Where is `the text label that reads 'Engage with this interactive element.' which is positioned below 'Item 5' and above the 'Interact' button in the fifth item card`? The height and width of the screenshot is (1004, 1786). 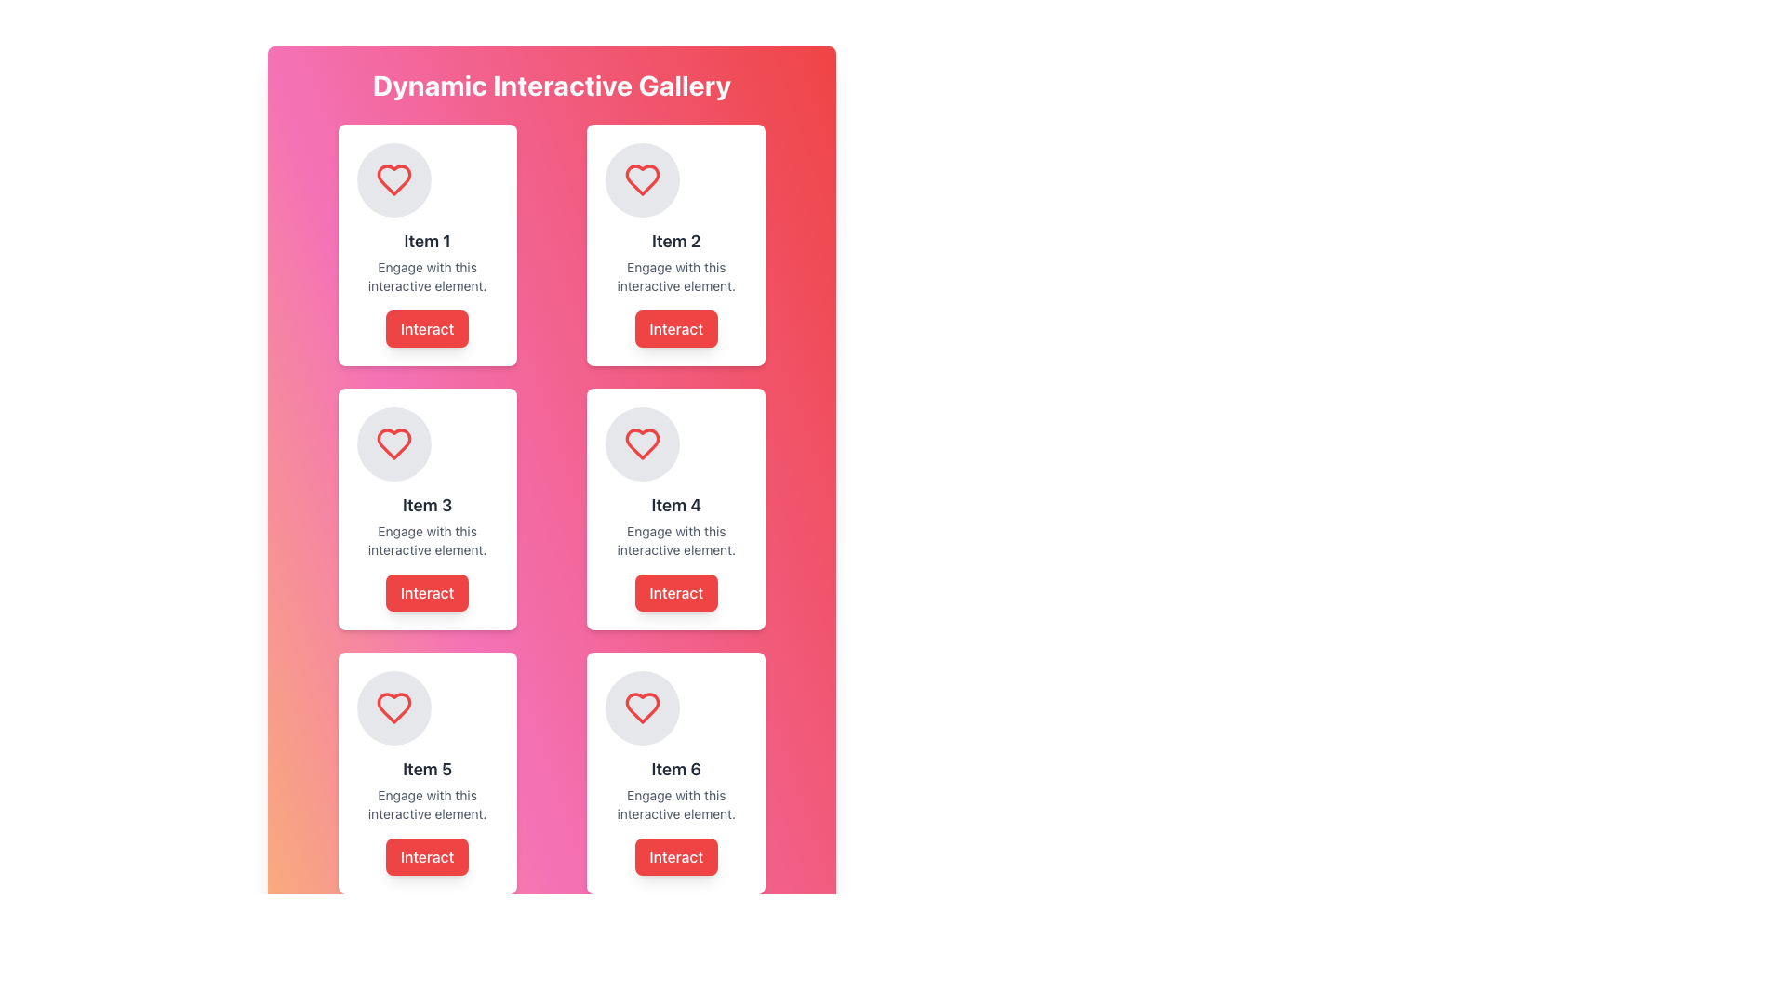 the text label that reads 'Engage with this interactive element.' which is positioned below 'Item 5' and above the 'Interact' button in the fifth item card is located at coordinates (426, 804).